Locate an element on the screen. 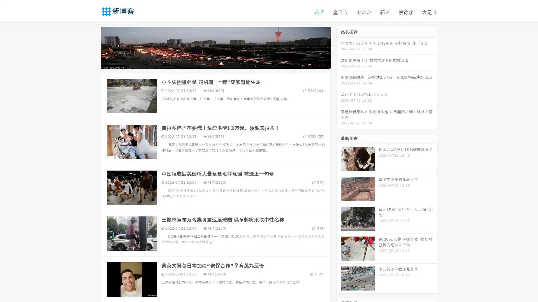 Image resolution: width=538 pixels, height=302 pixels. Next slide is located at coordinates (338, 47).